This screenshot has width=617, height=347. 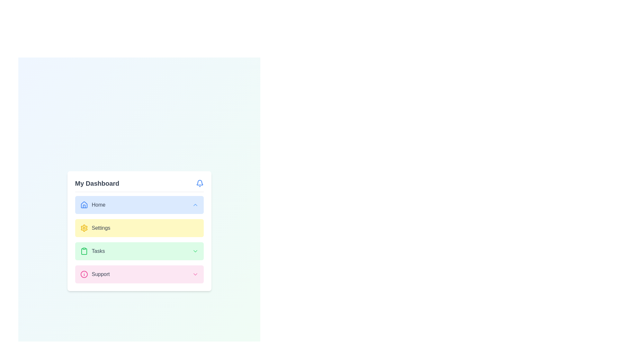 What do you see at coordinates (84, 274) in the screenshot?
I see `the circular SVG-based graphic element with a pink-themed color scheme, which serves as a visual indicator or button` at bounding box center [84, 274].